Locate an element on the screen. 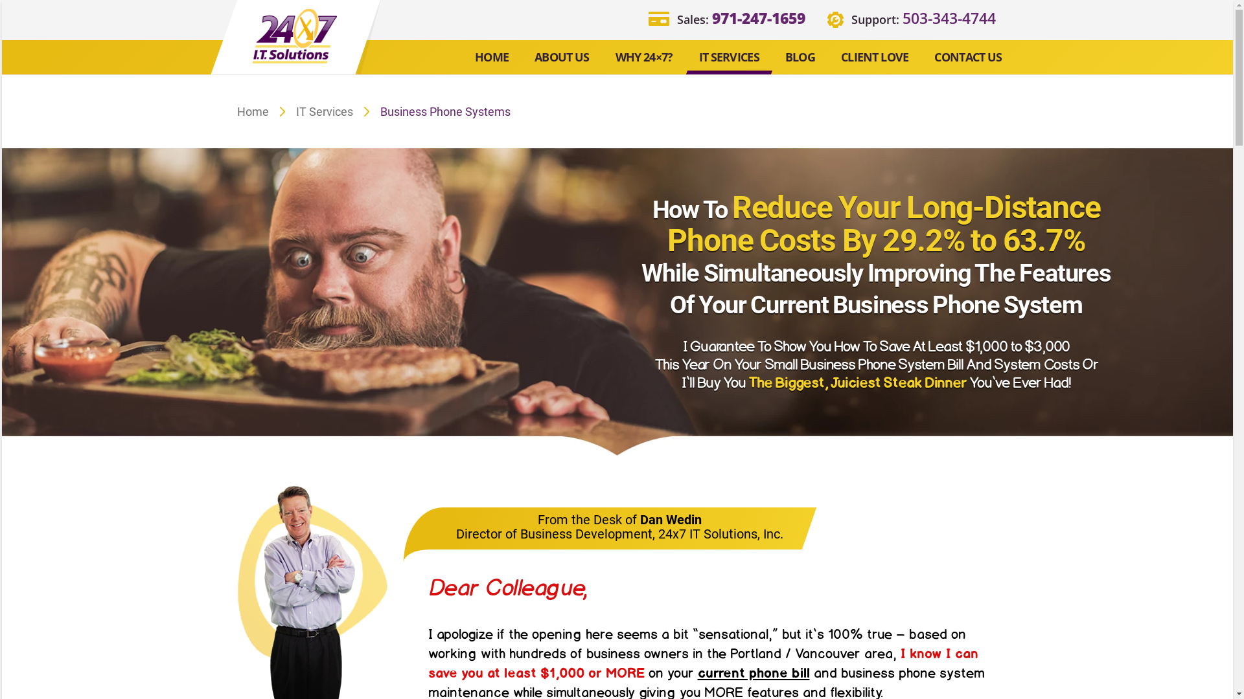 Image resolution: width=1244 pixels, height=699 pixels. 'HOME' is located at coordinates (490, 57).